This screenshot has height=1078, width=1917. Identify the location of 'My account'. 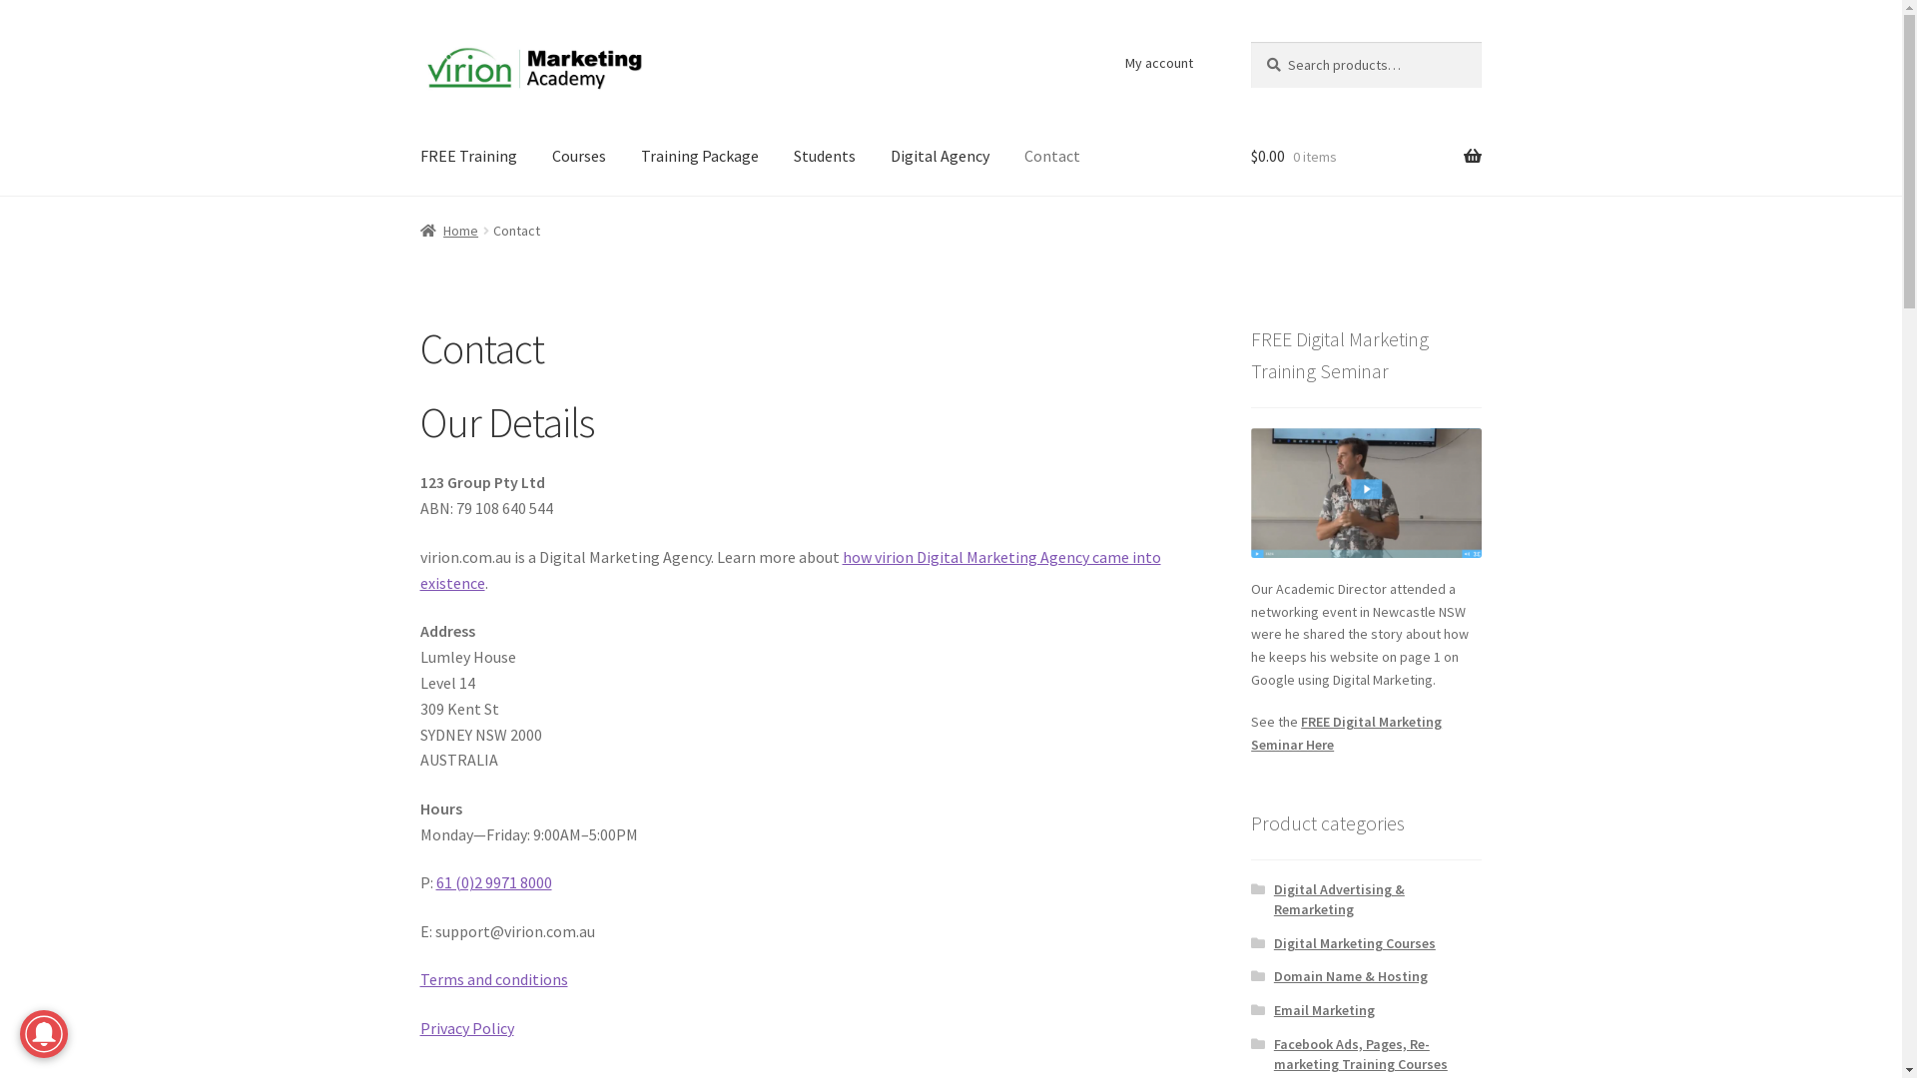
(1158, 61).